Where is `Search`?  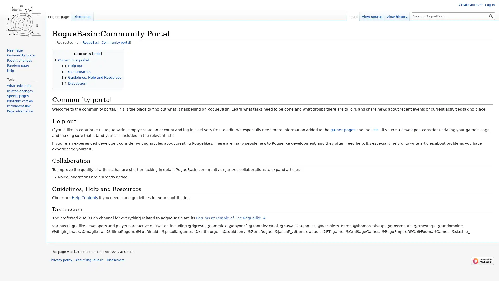
Search is located at coordinates (491, 16).